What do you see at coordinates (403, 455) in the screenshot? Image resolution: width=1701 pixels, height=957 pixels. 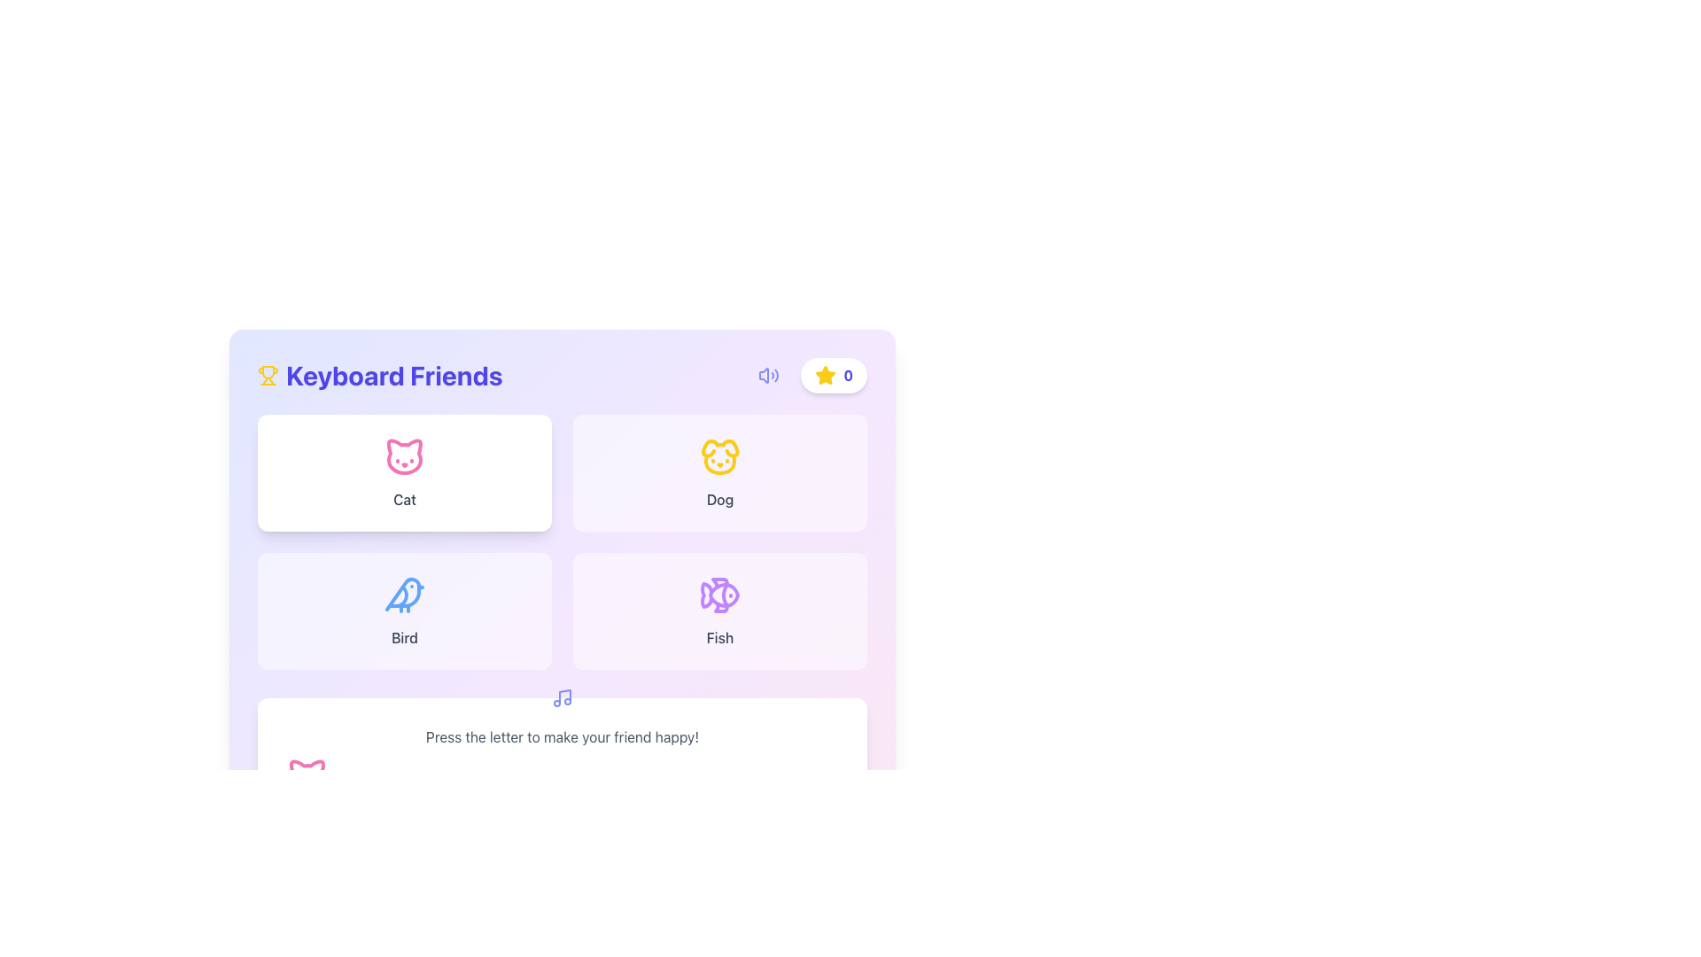 I see `the 'Cat' graphical icon located in the top-left quadrant of the interface` at bounding box center [403, 455].